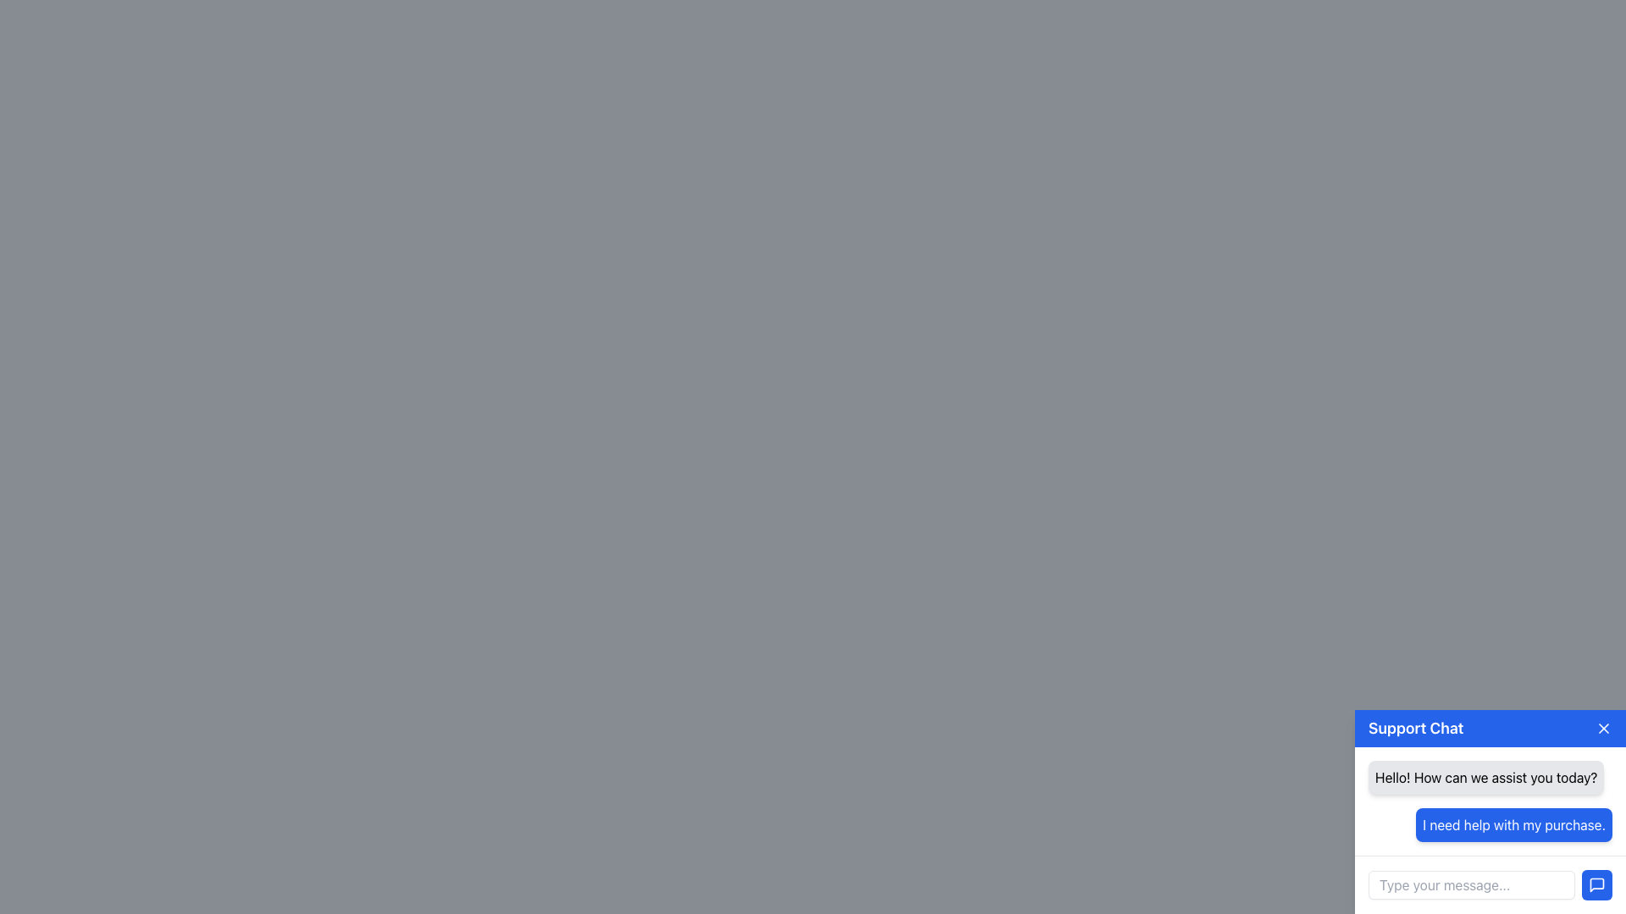 The height and width of the screenshot is (914, 1626). What do you see at coordinates (1416, 727) in the screenshot?
I see `the 'Support Chat' text label displayed in bold, large font size with a white color on a blue background located in the header of the chat window` at bounding box center [1416, 727].